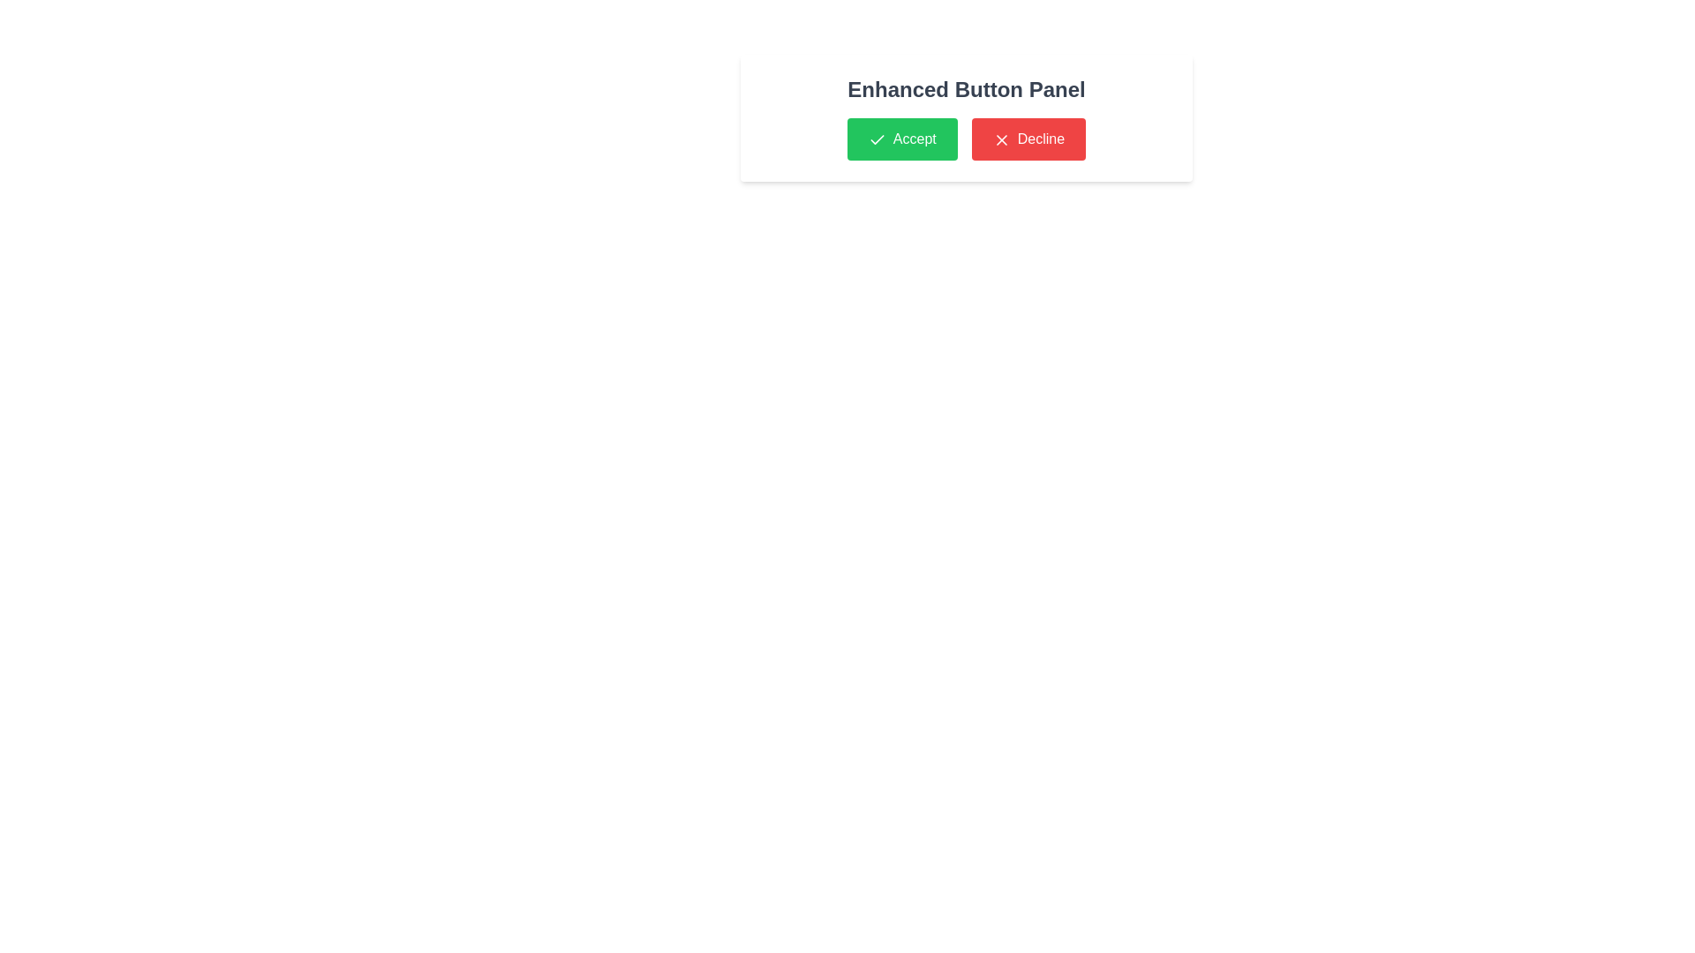 This screenshot has height=953, width=1695. What do you see at coordinates (902, 139) in the screenshot?
I see `the green 'Accept' button with a white checkmark icon, located as the leftmost button in a horizontal row` at bounding box center [902, 139].